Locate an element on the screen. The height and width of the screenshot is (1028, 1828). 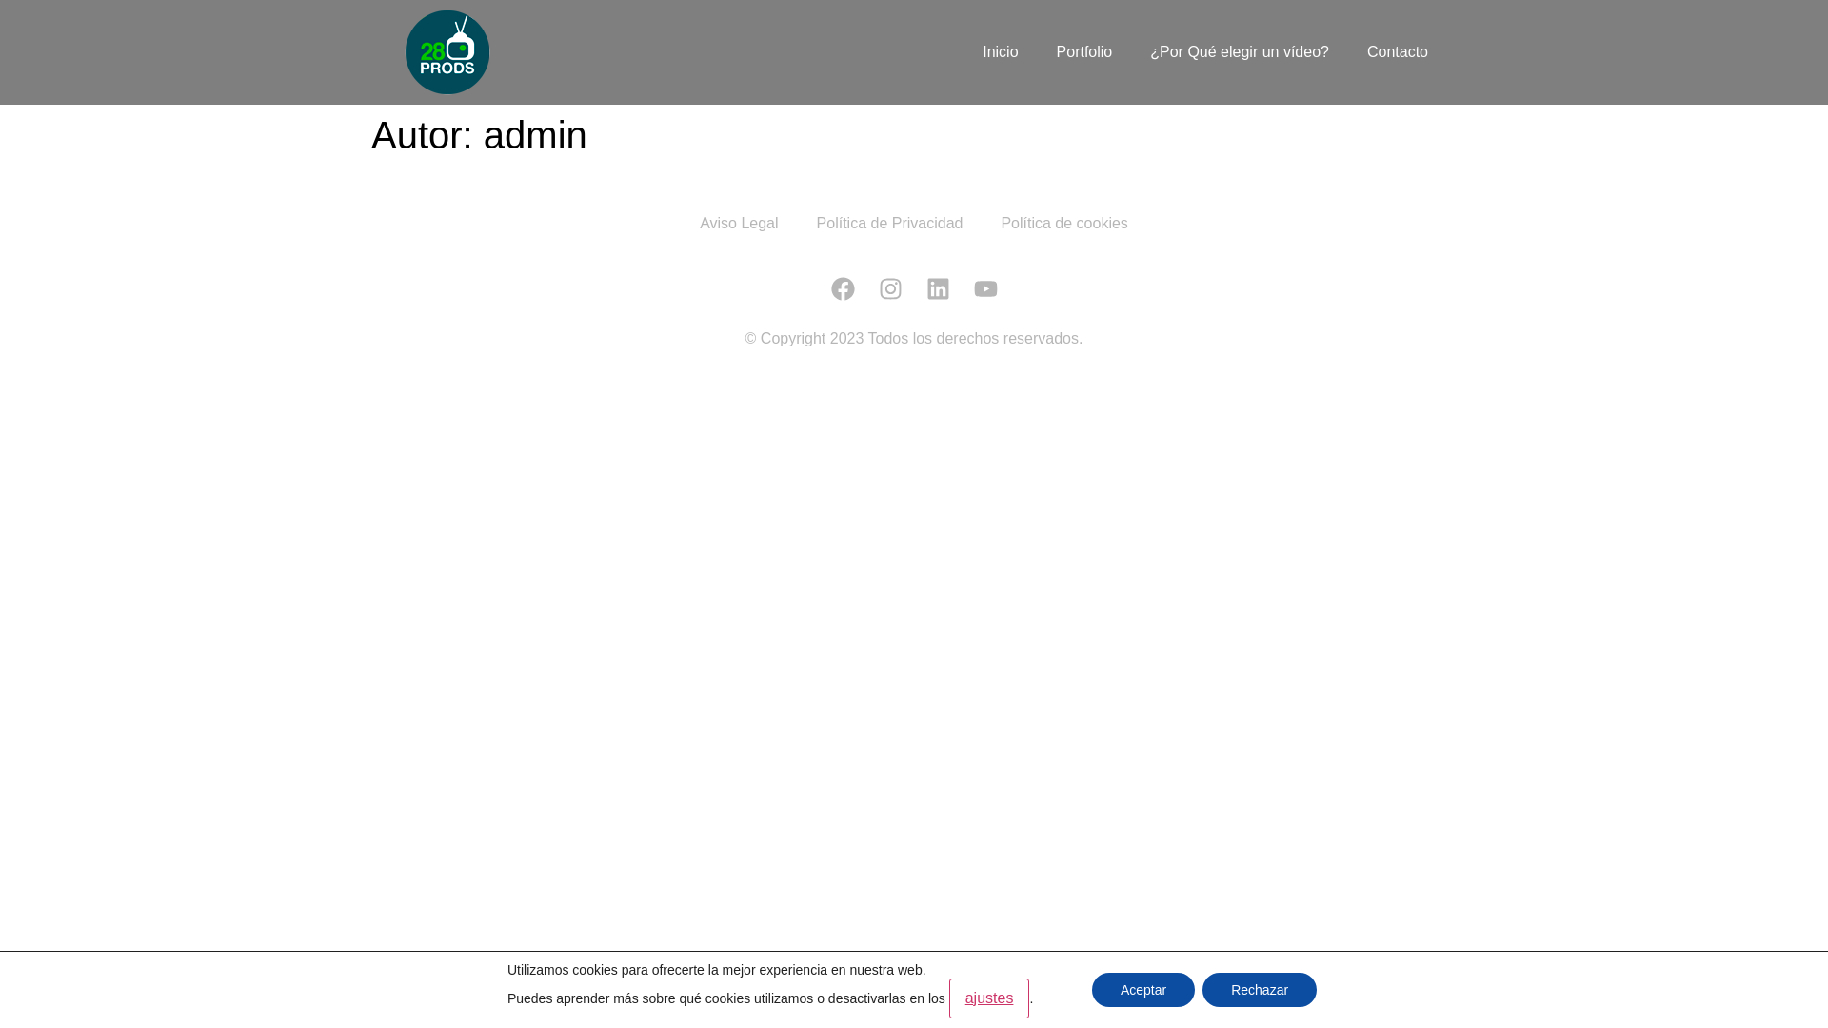
'Aceptar' is located at coordinates (1142, 989).